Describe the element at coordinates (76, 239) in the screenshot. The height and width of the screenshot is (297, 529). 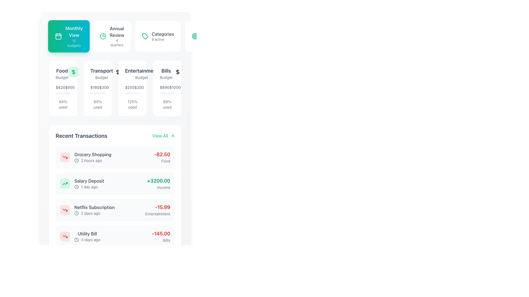
I see `the time-related icon that is positioned to the left of the '3 days ago' text in the fourth item of the 'Recent Transactions' list under the 'Utility Bill' transaction` at that location.